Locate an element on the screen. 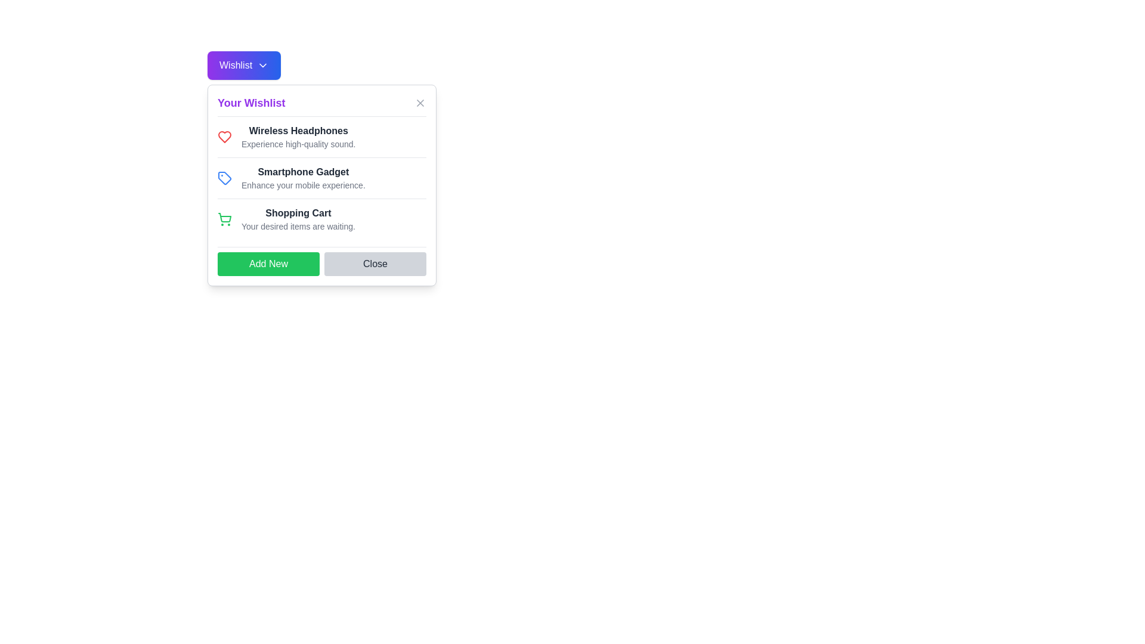 The image size is (1145, 644). text of the List item titled 'Smartphone Gadget' which is the second item in the 'Your Wishlist' modal is located at coordinates (321, 177).